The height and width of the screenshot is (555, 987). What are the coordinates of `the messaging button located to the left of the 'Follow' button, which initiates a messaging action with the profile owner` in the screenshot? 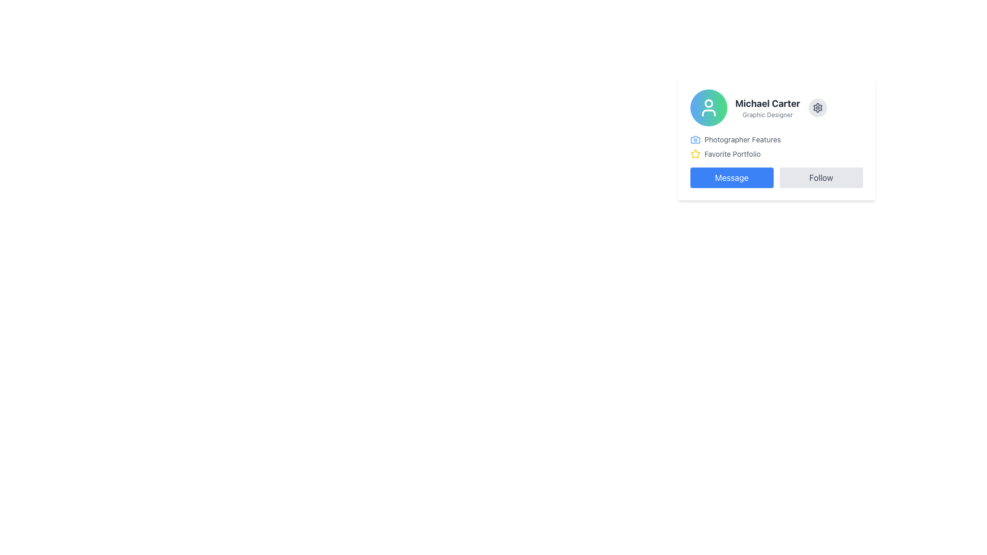 It's located at (731, 177).